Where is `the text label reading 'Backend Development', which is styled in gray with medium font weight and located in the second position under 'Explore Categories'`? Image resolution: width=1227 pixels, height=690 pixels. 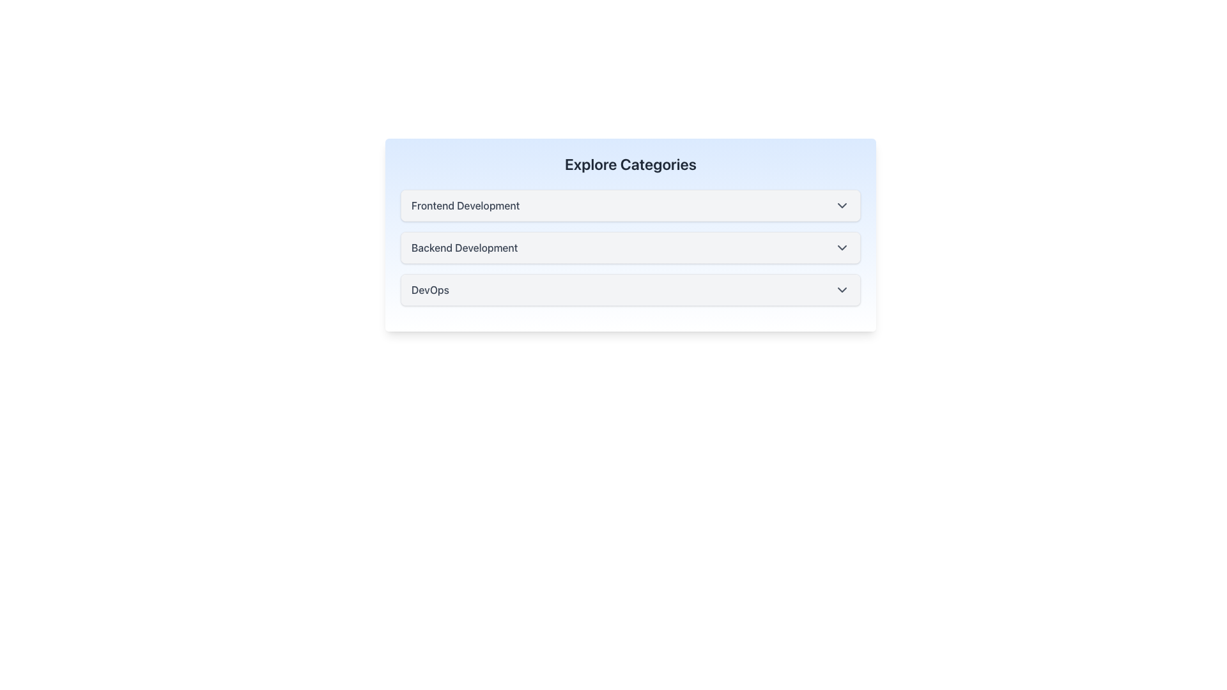
the text label reading 'Backend Development', which is styled in gray with medium font weight and located in the second position under 'Explore Categories' is located at coordinates (464, 248).